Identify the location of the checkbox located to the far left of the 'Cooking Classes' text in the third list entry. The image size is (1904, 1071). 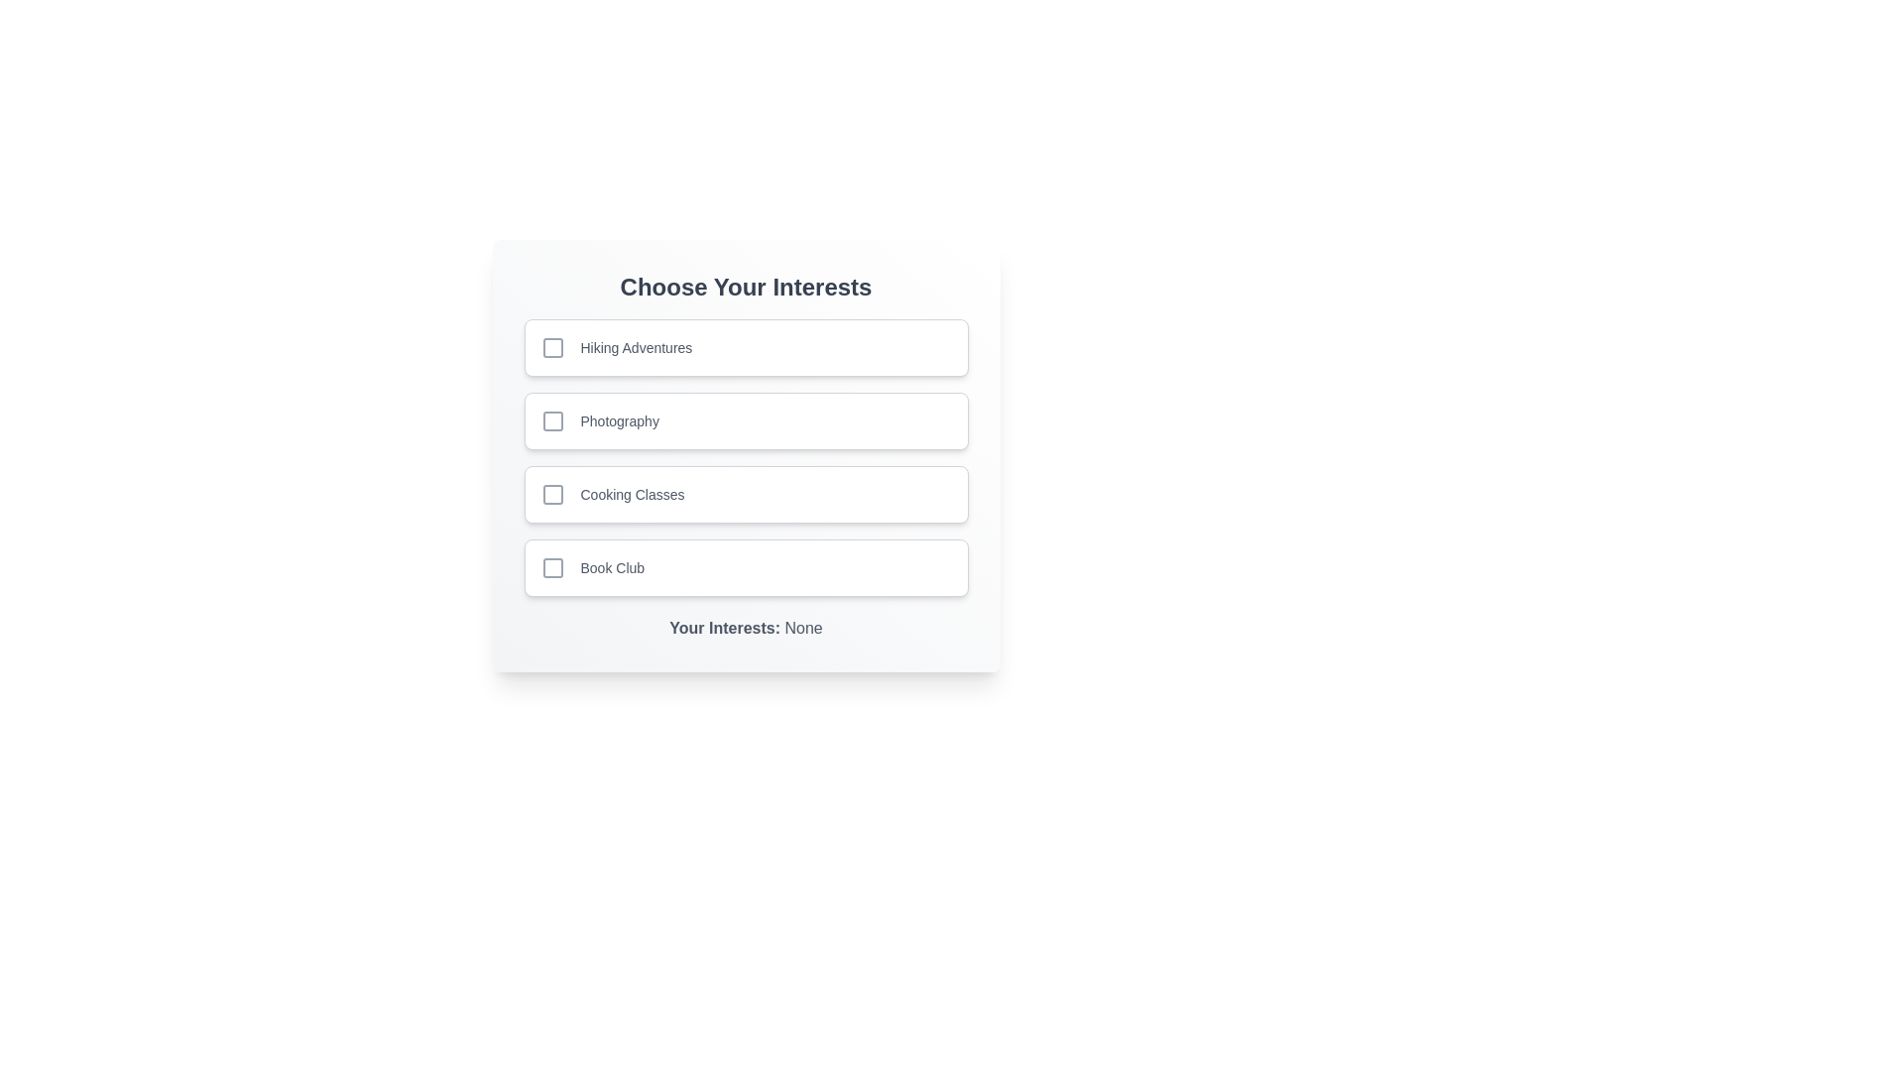
(552, 493).